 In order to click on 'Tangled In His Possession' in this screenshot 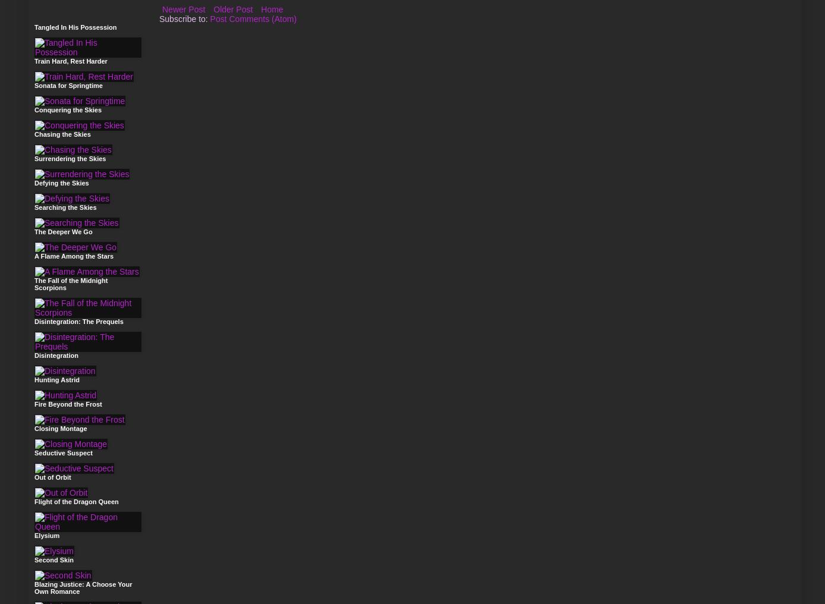, I will do `click(75, 27)`.